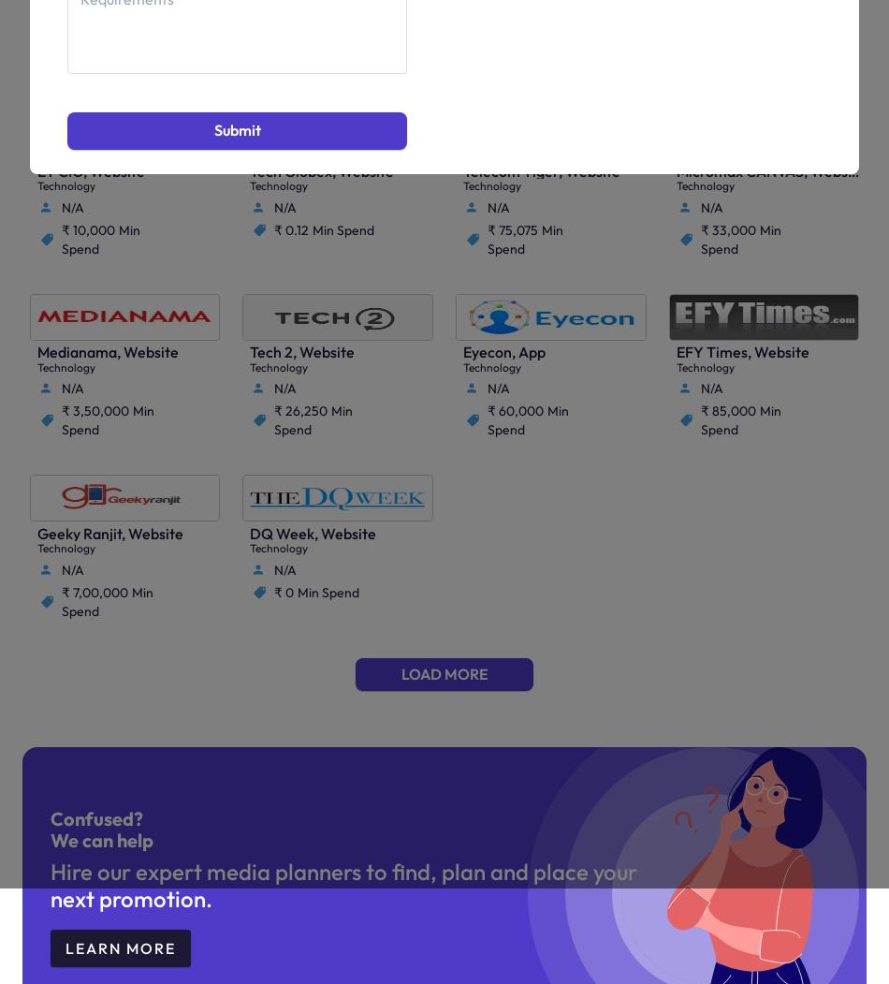 This screenshot has width=889, height=984. What do you see at coordinates (443, 673) in the screenshot?
I see `'LOAD MORE'` at bounding box center [443, 673].